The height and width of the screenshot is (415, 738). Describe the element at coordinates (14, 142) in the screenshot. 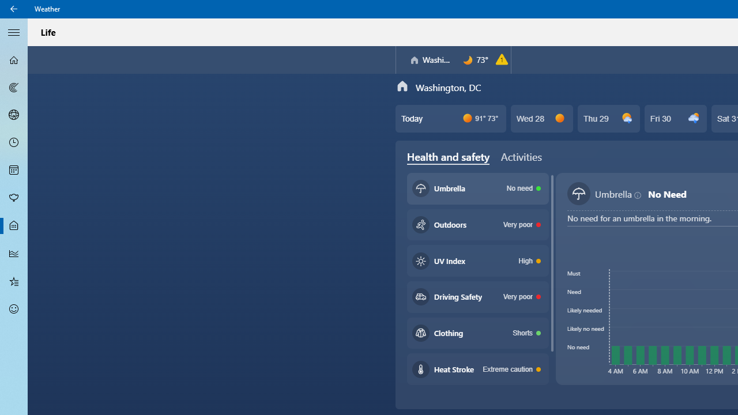

I see `'Hourly Forecast - Not Selected'` at that location.